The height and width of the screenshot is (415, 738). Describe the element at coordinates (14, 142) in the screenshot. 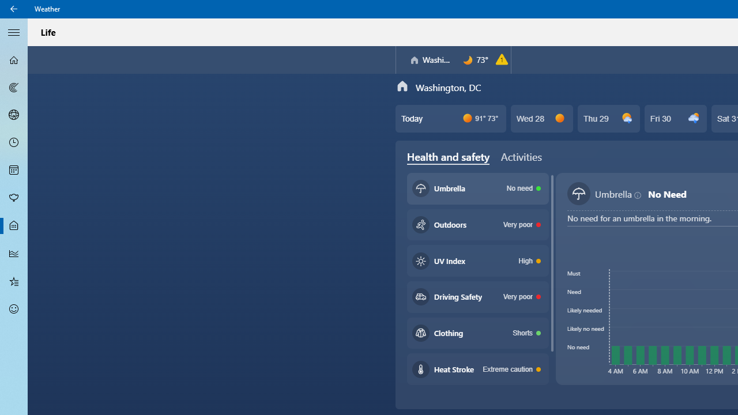

I see `'Hourly Forecast - Not Selected'` at that location.